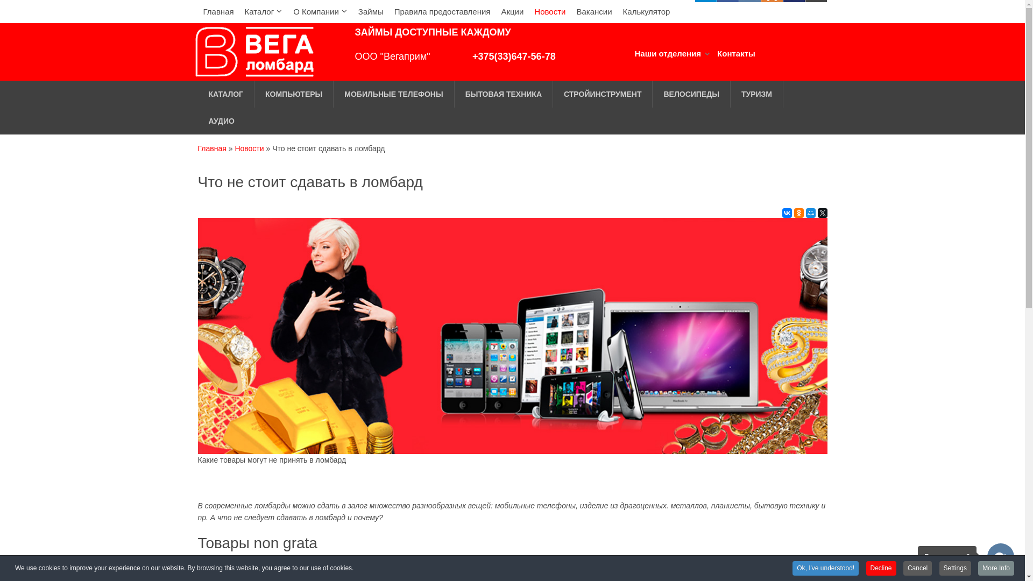 This screenshot has height=581, width=1033. Describe the element at coordinates (917, 568) in the screenshot. I see `'Cancel'` at that location.